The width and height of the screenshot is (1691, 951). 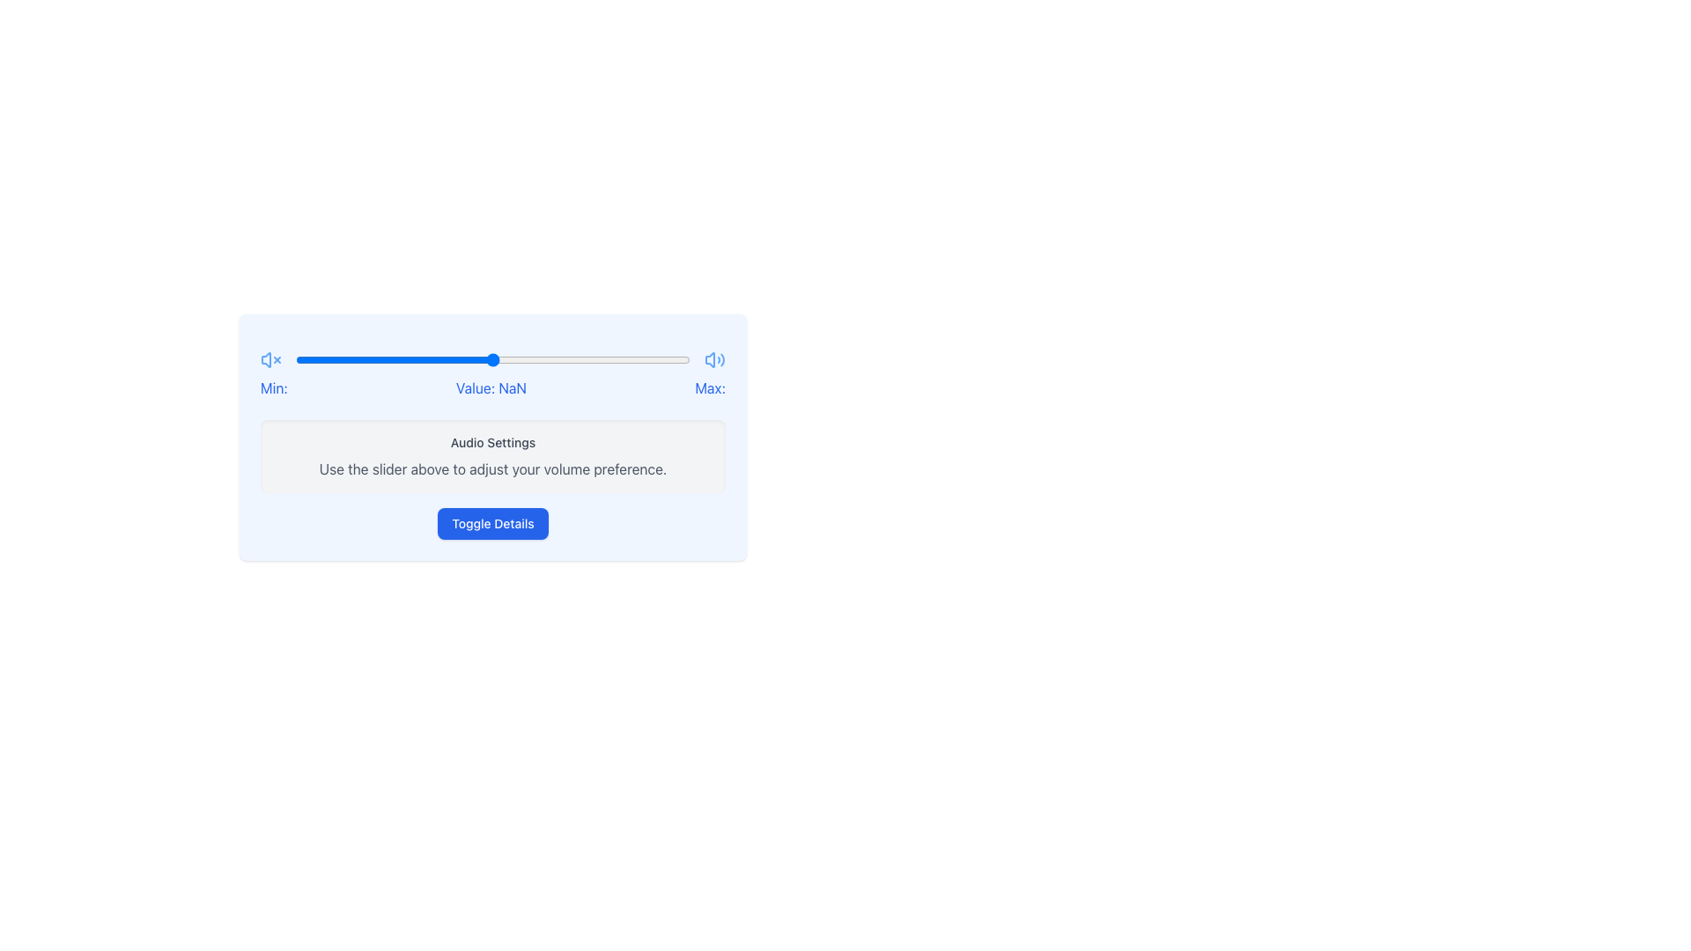 What do you see at coordinates (493, 441) in the screenshot?
I see `the text label that provides context for audio adjustments, located in the gray box component` at bounding box center [493, 441].